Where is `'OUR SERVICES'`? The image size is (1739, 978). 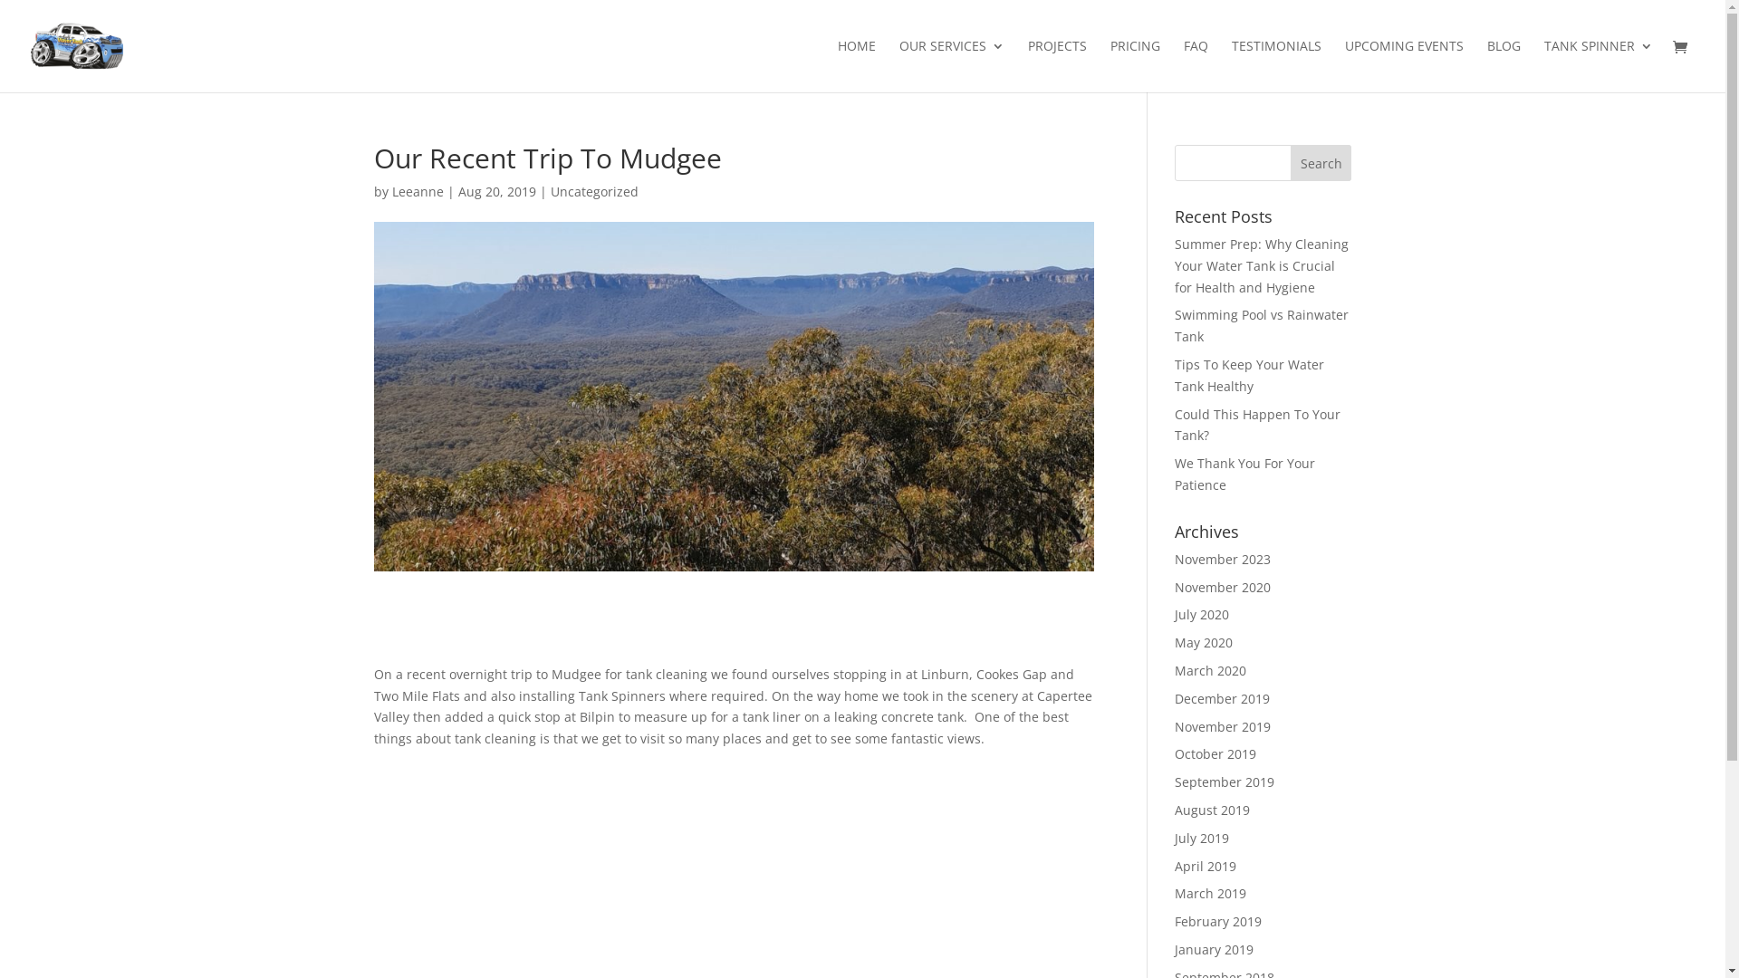
'OUR SERVICES' is located at coordinates (951, 65).